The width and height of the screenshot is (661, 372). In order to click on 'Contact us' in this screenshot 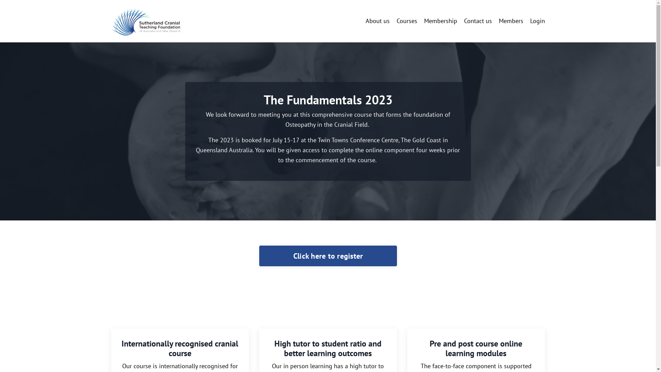, I will do `click(478, 21)`.